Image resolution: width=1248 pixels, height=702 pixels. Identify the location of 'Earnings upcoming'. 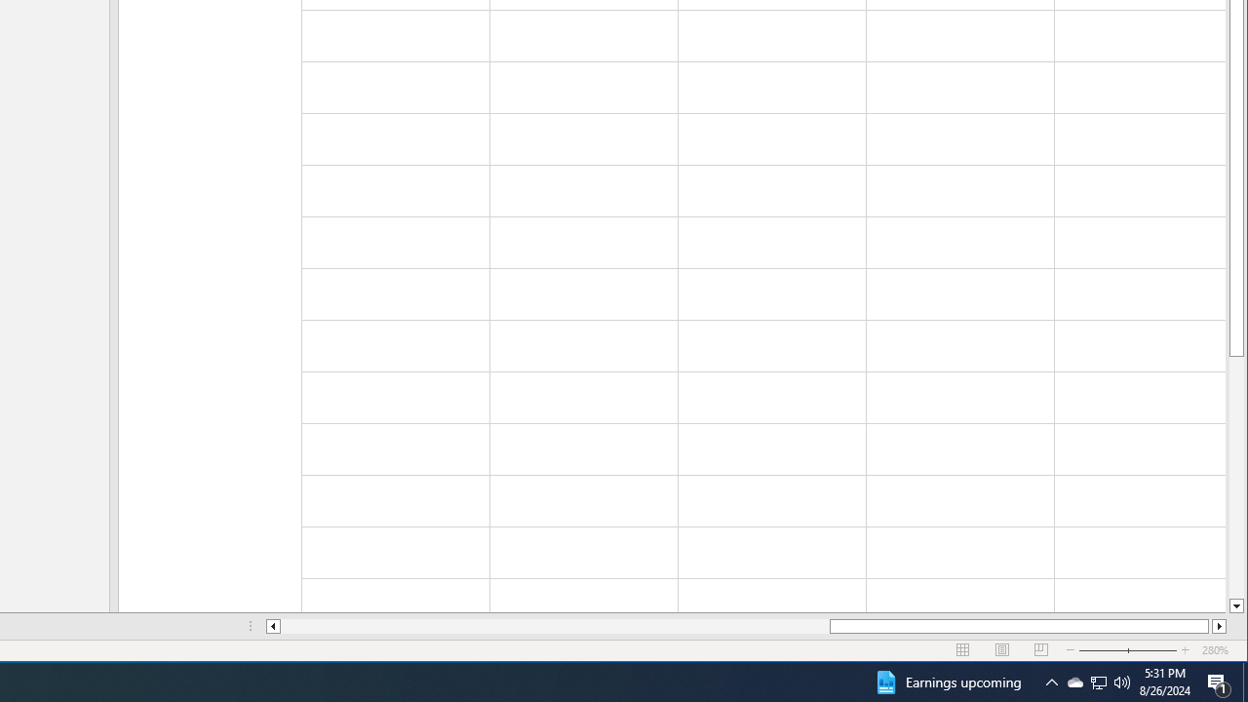
(947, 681).